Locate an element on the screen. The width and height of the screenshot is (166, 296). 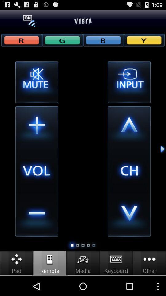
mute or unmute box is located at coordinates (37, 82).